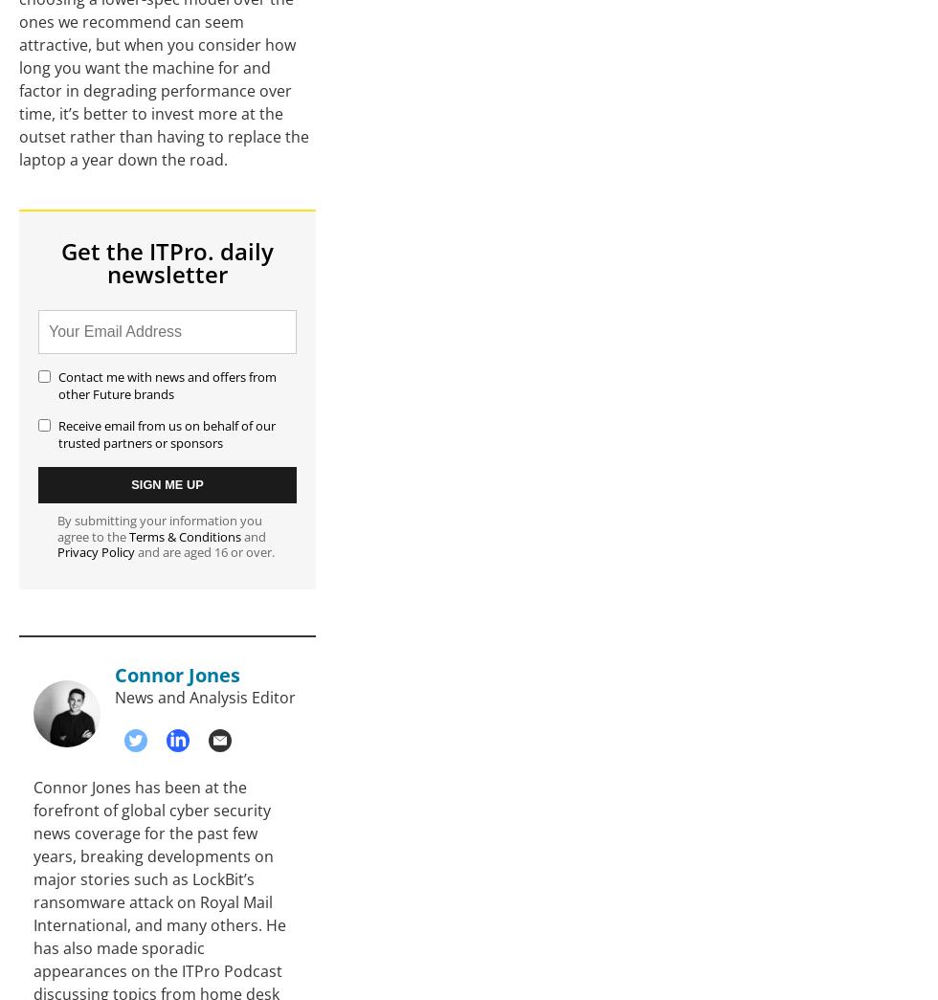  What do you see at coordinates (185, 536) in the screenshot?
I see `'Terms & Conditions'` at bounding box center [185, 536].